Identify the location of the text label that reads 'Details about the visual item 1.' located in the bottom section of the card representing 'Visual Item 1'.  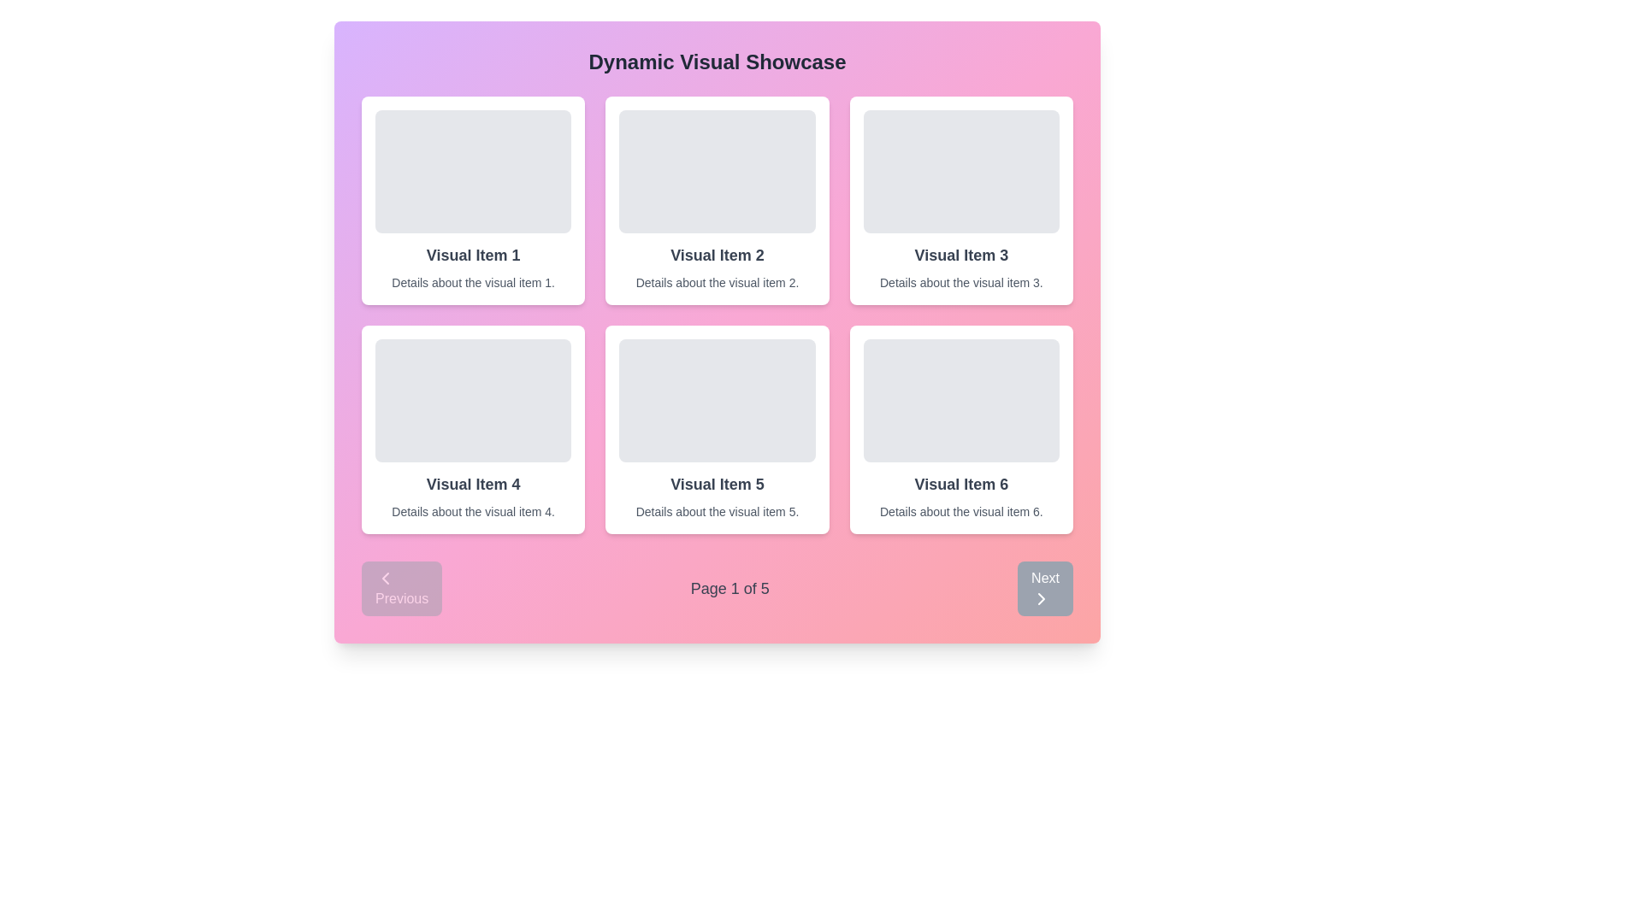
(473, 282).